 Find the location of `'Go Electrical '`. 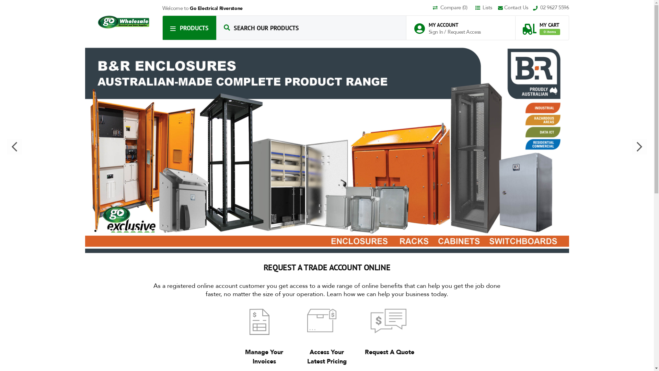

'Go Electrical ' is located at coordinates (124, 22).